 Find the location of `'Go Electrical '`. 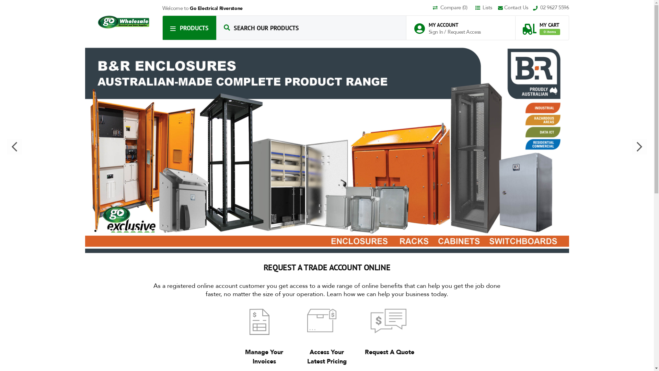

'Go Electrical ' is located at coordinates (124, 22).